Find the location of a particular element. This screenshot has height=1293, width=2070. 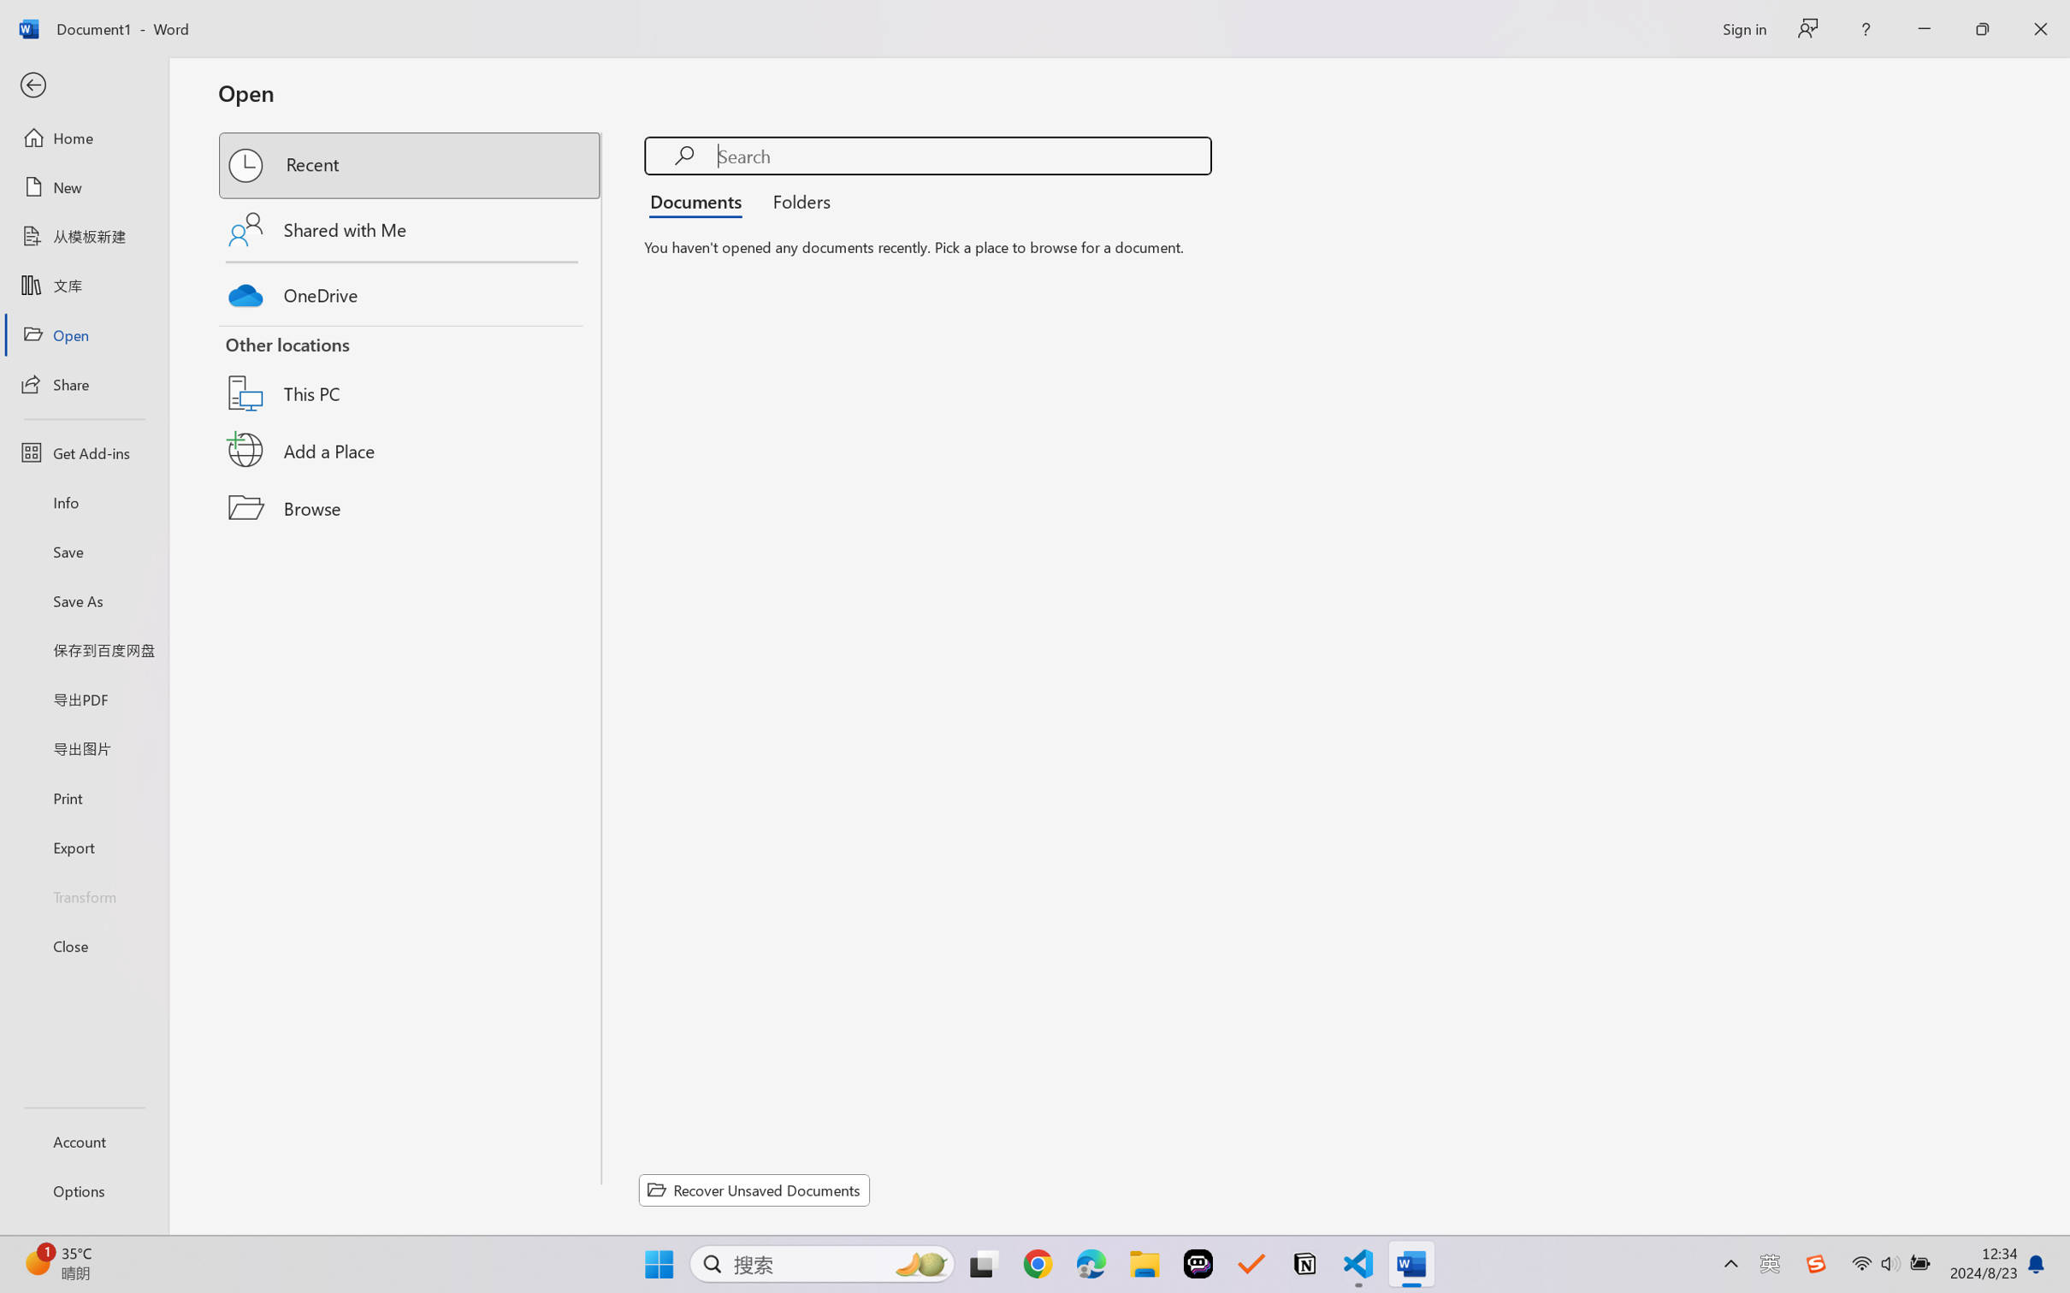

'Recent' is located at coordinates (411, 164).